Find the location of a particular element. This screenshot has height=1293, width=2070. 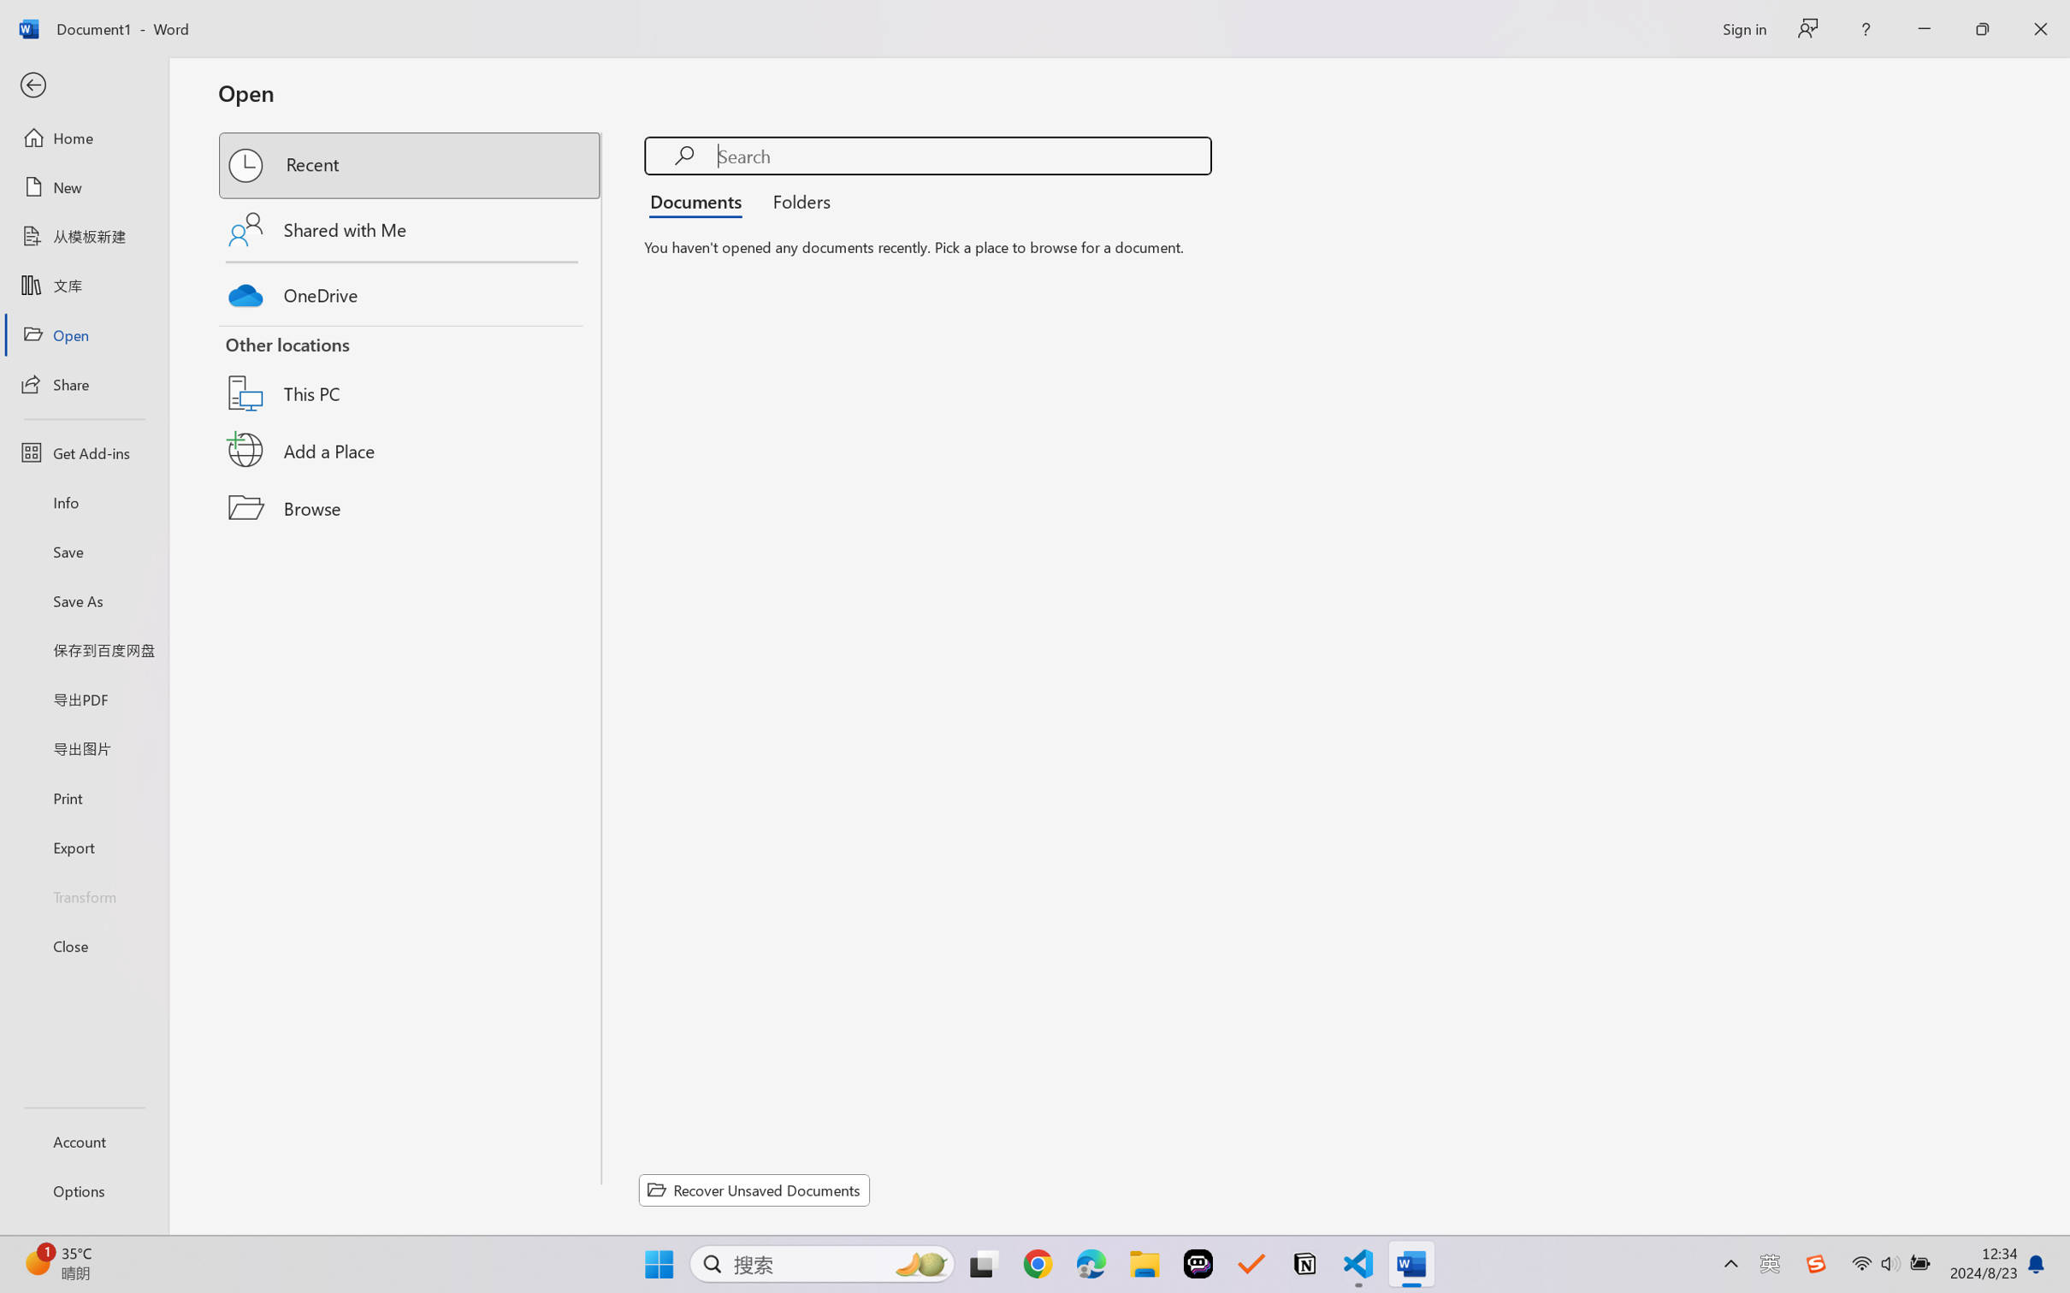

'Recent' is located at coordinates (411, 164).